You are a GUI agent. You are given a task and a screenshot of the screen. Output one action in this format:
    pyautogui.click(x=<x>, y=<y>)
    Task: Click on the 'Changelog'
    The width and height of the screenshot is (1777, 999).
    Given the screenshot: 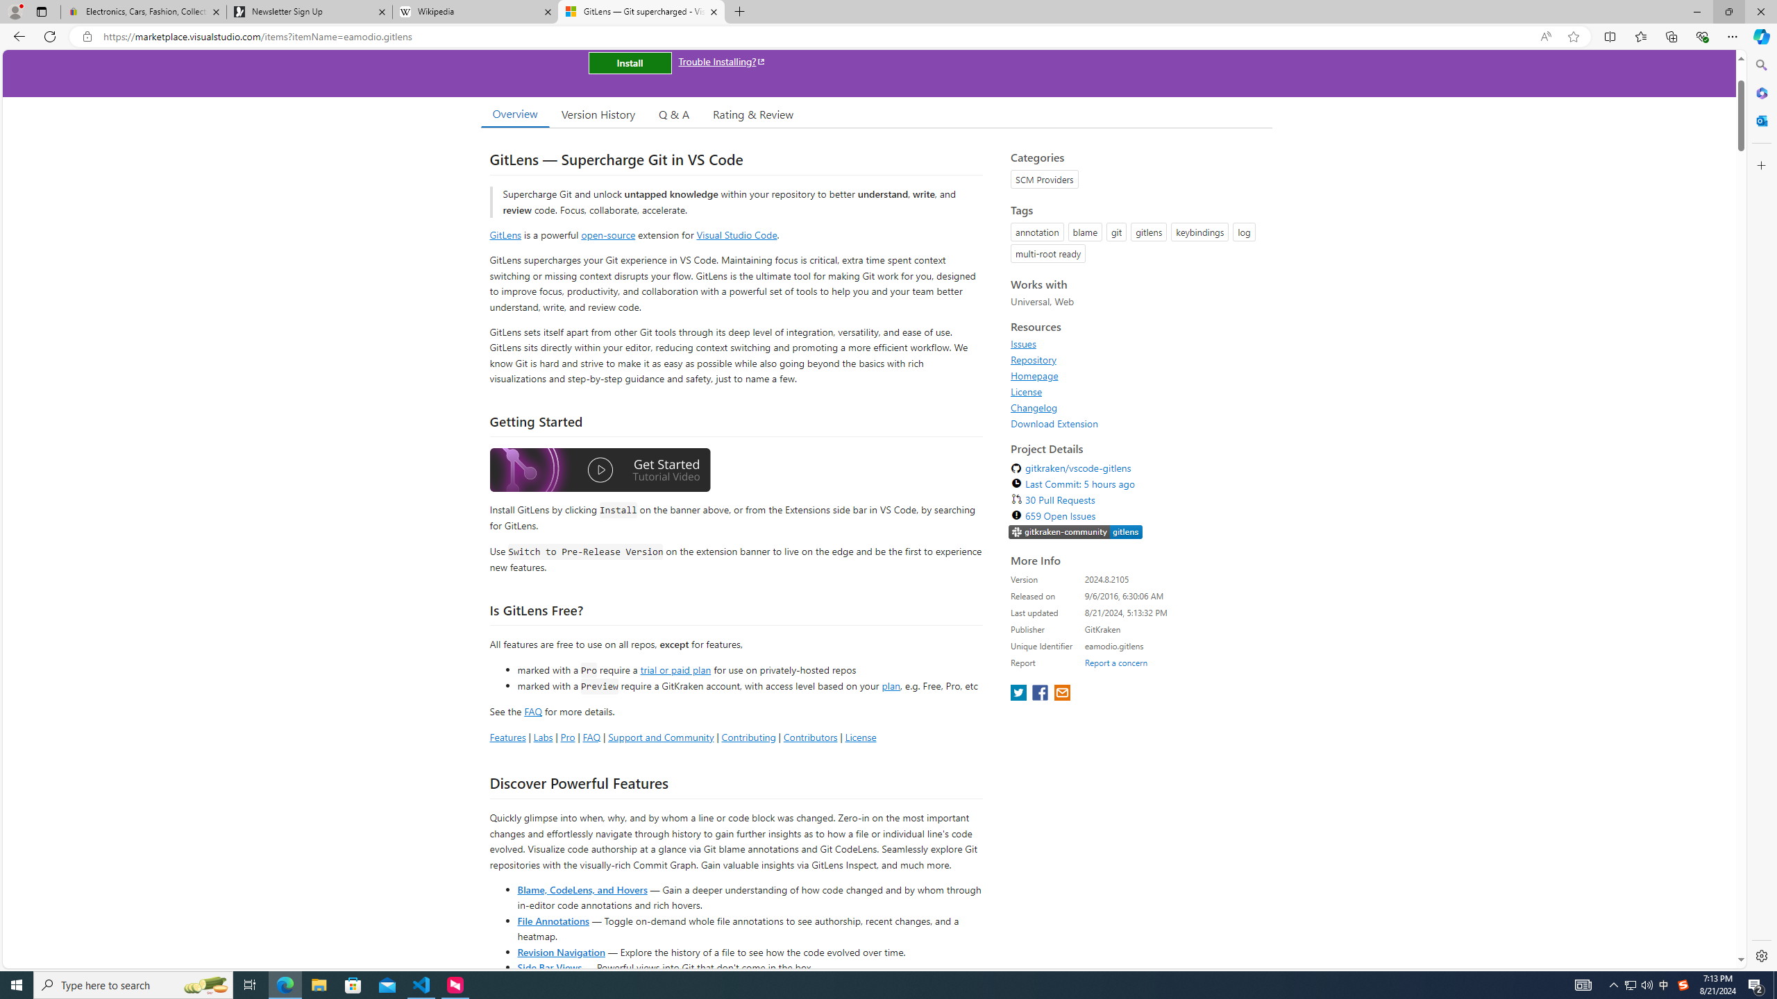 What is the action you would take?
    pyautogui.click(x=1137, y=407)
    